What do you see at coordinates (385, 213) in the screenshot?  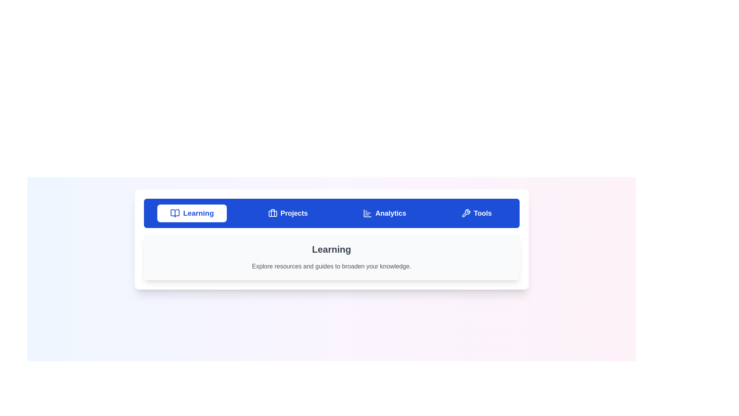 I see `the interactive 'Analytics' button, which is the third button in a horizontal menu located at the top section of the card` at bounding box center [385, 213].